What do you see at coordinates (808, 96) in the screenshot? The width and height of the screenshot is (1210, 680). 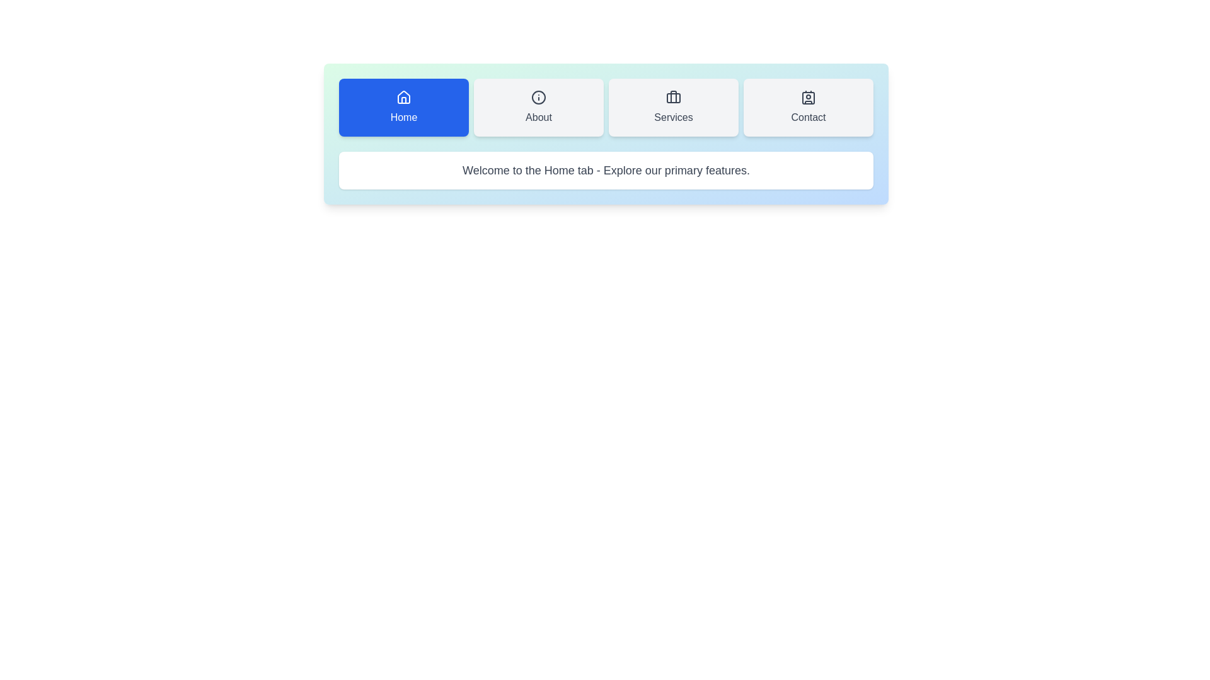 I see `the contact icon in the 'Contact' section of the horizontal menu` at bounding box center [808, 96].